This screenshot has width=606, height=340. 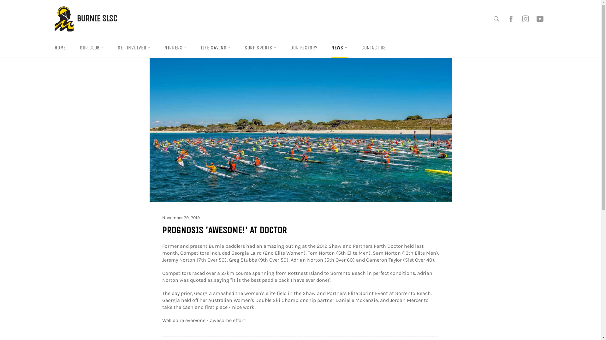 What do you see at coordinates (92, 47) in the screenshot?
I see `'OUR CLUB'` at bounding box center [92, 47].